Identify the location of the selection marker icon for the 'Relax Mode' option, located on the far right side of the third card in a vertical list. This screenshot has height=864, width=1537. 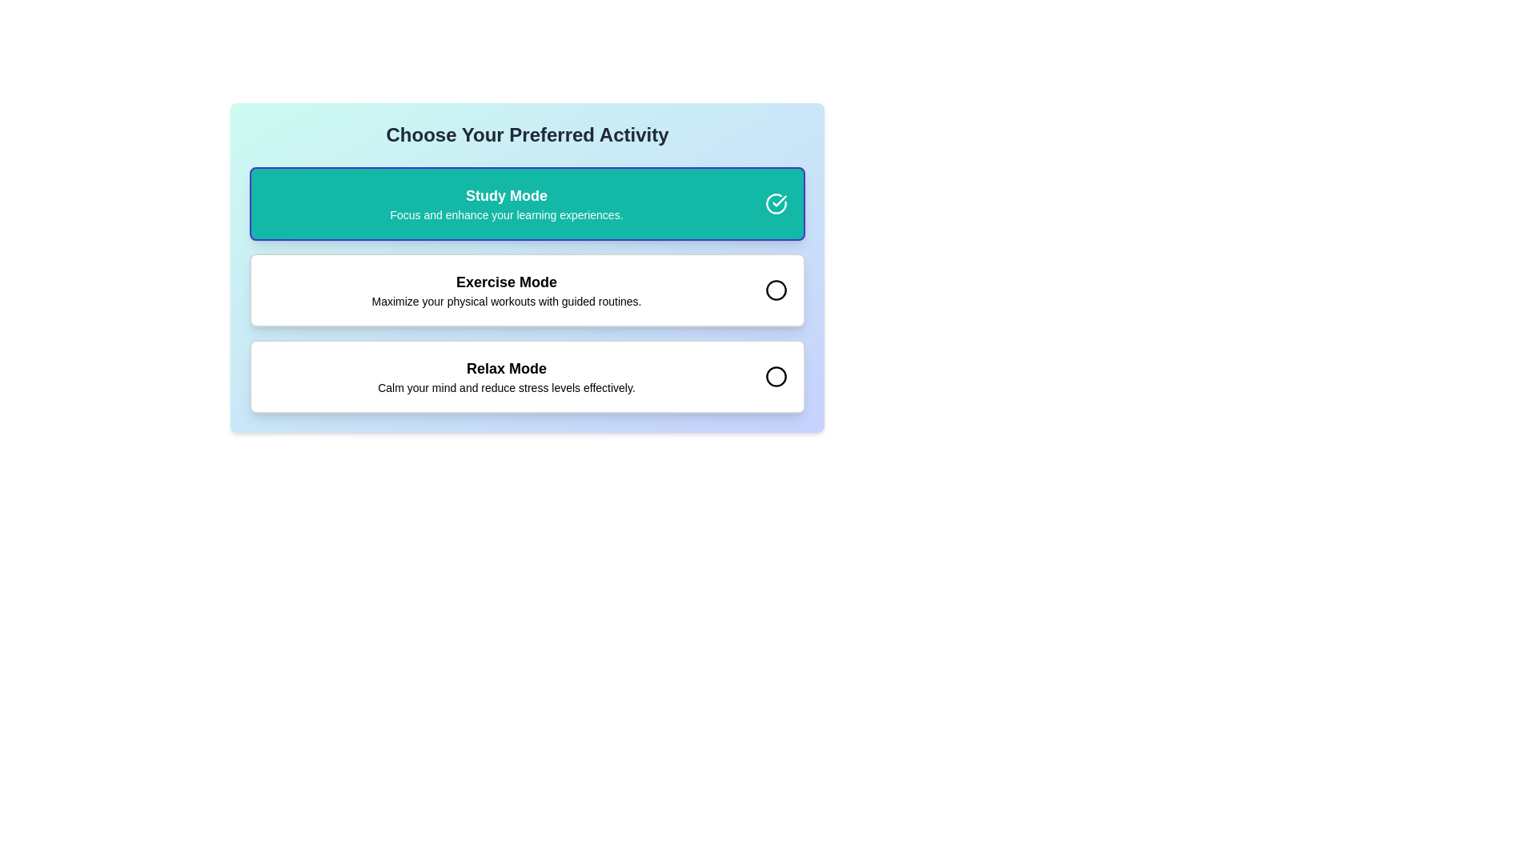
(776, 376).